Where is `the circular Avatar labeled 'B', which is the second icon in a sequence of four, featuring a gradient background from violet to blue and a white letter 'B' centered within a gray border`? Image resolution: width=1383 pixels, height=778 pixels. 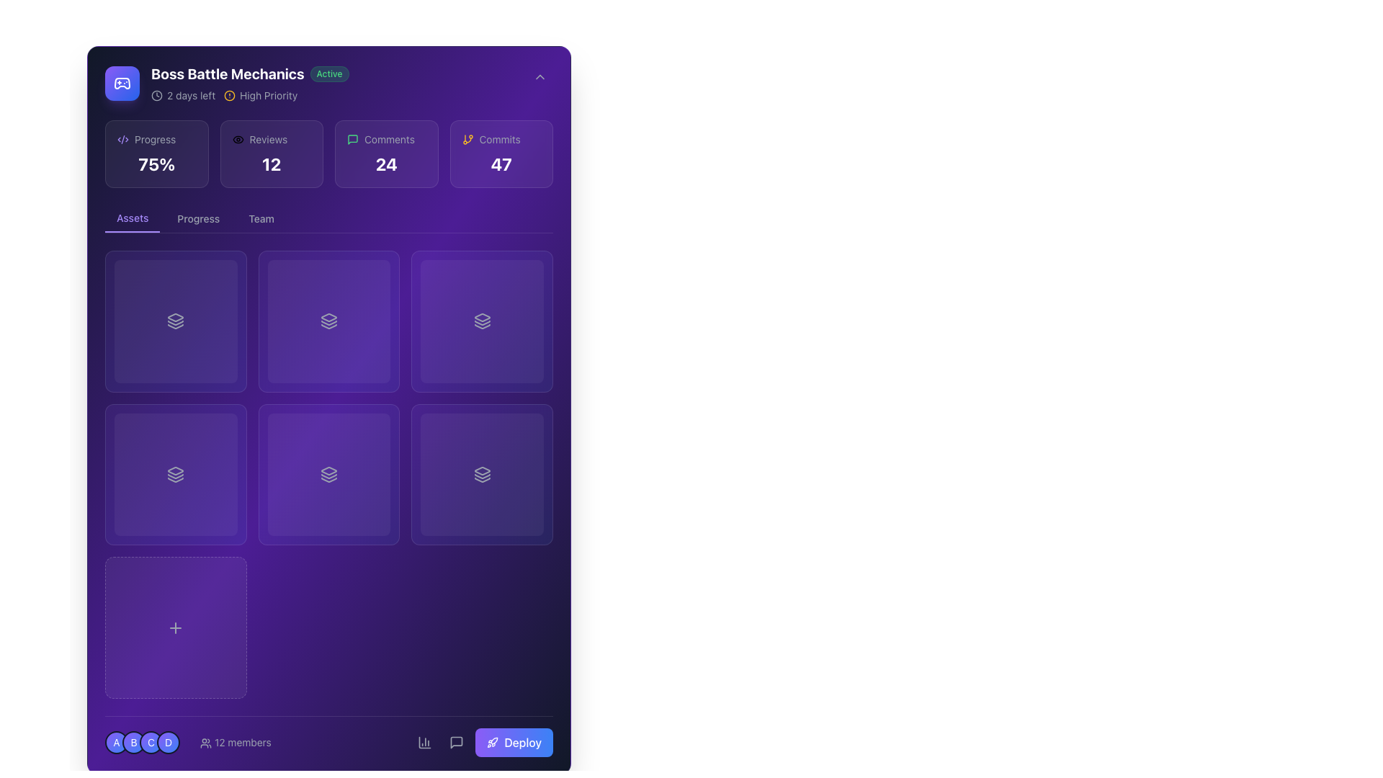
the circular Avatar labeled 'B', which is the second icon in a sequence of four, featuring a gradient background from violet to blue and a white letter 'B' centered within a gray border is located at coordinates (134, 742).